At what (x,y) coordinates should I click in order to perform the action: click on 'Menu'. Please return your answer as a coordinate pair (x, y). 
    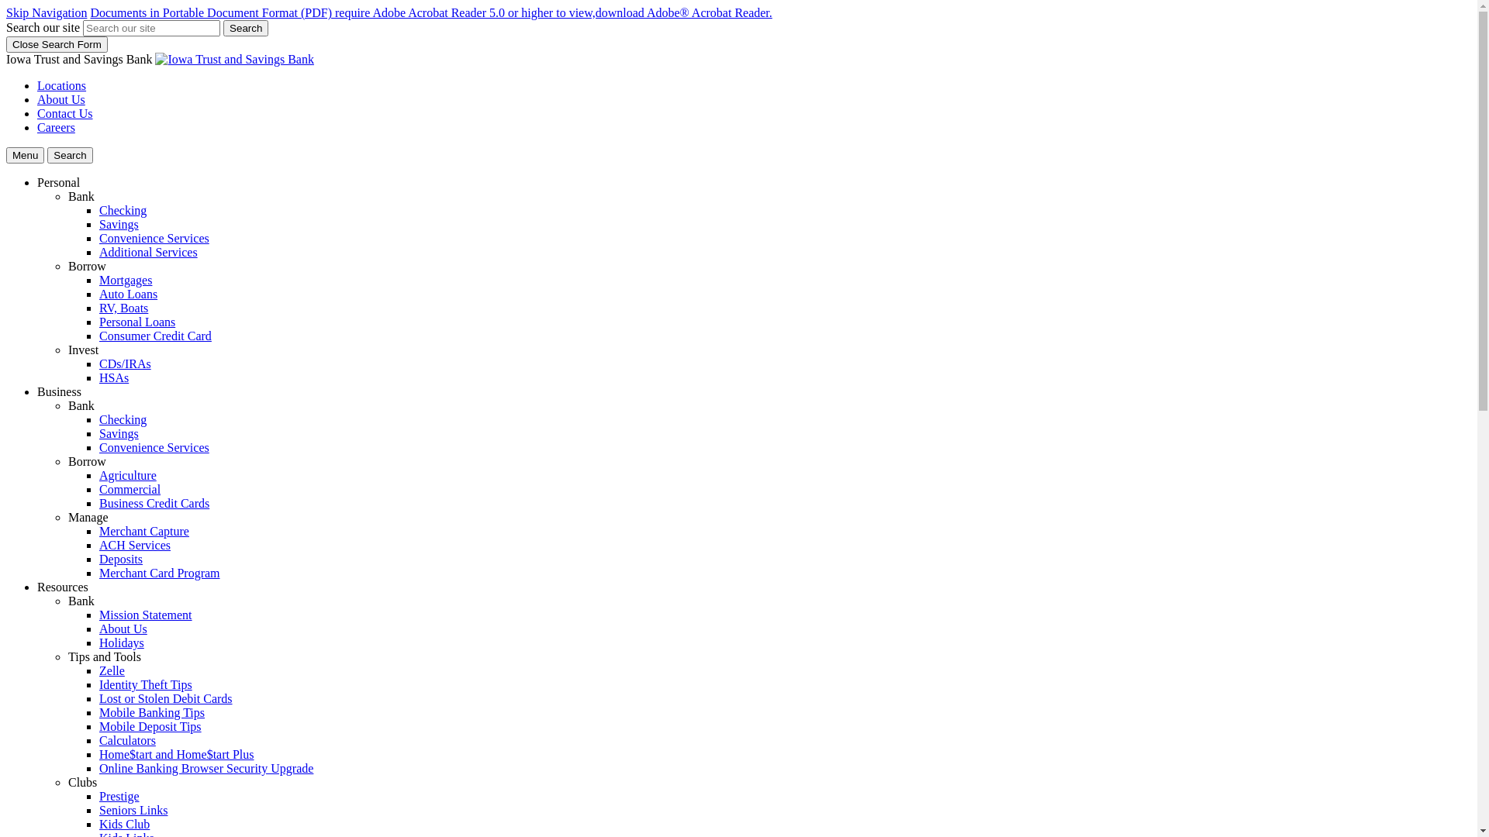
    Looking at the image, I should click on (25, 155).